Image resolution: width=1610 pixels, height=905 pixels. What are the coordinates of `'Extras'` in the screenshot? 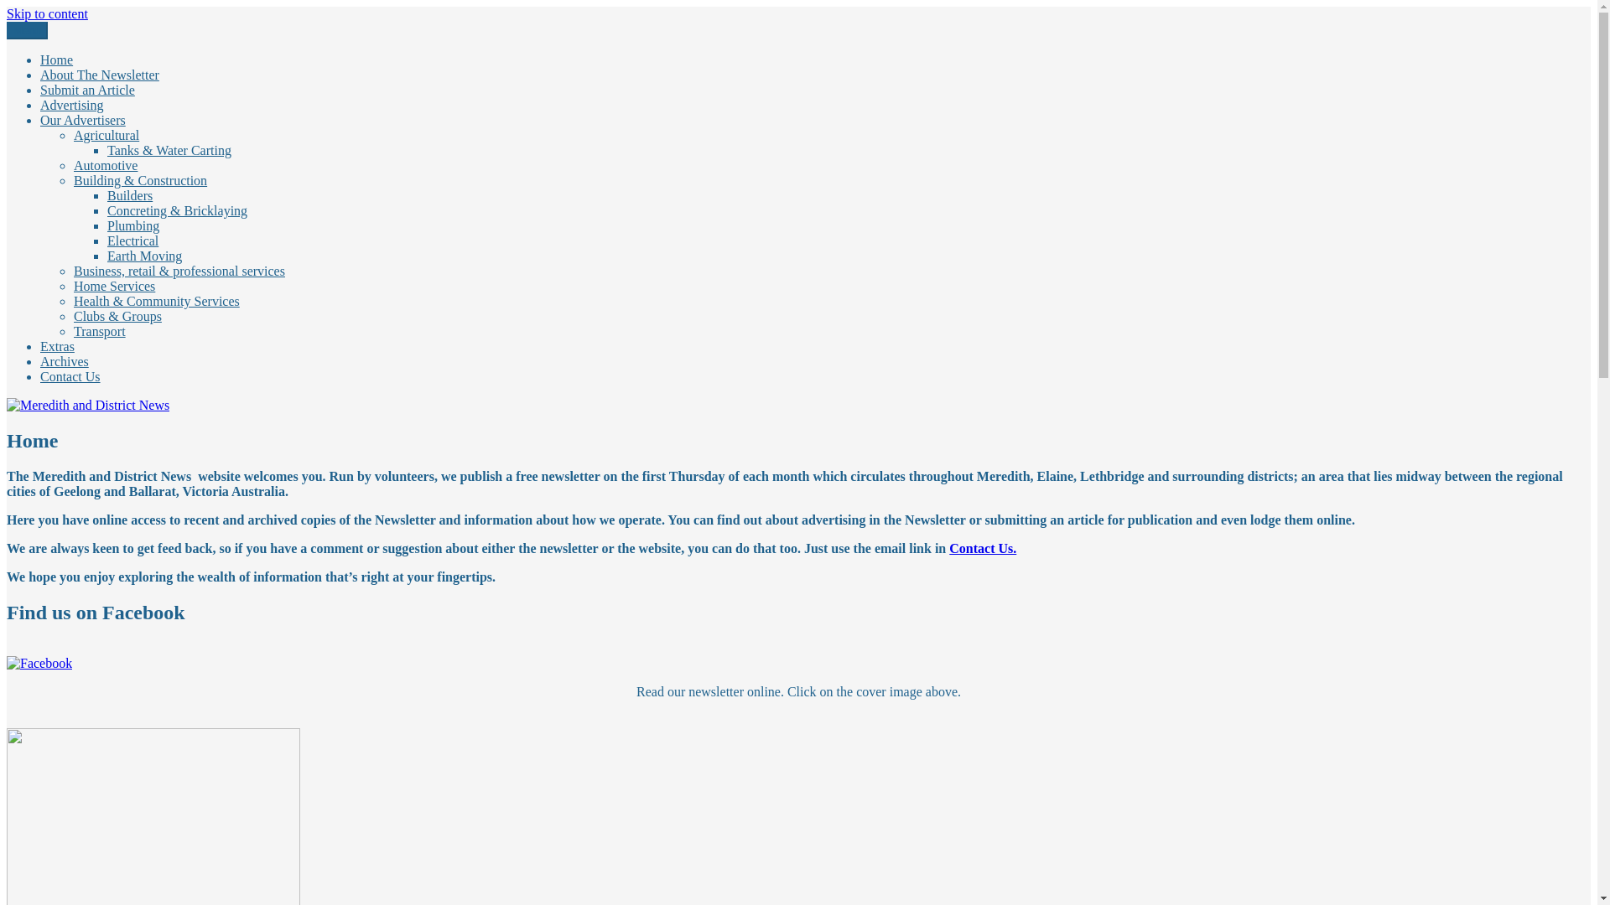 It's located at (57, 345).